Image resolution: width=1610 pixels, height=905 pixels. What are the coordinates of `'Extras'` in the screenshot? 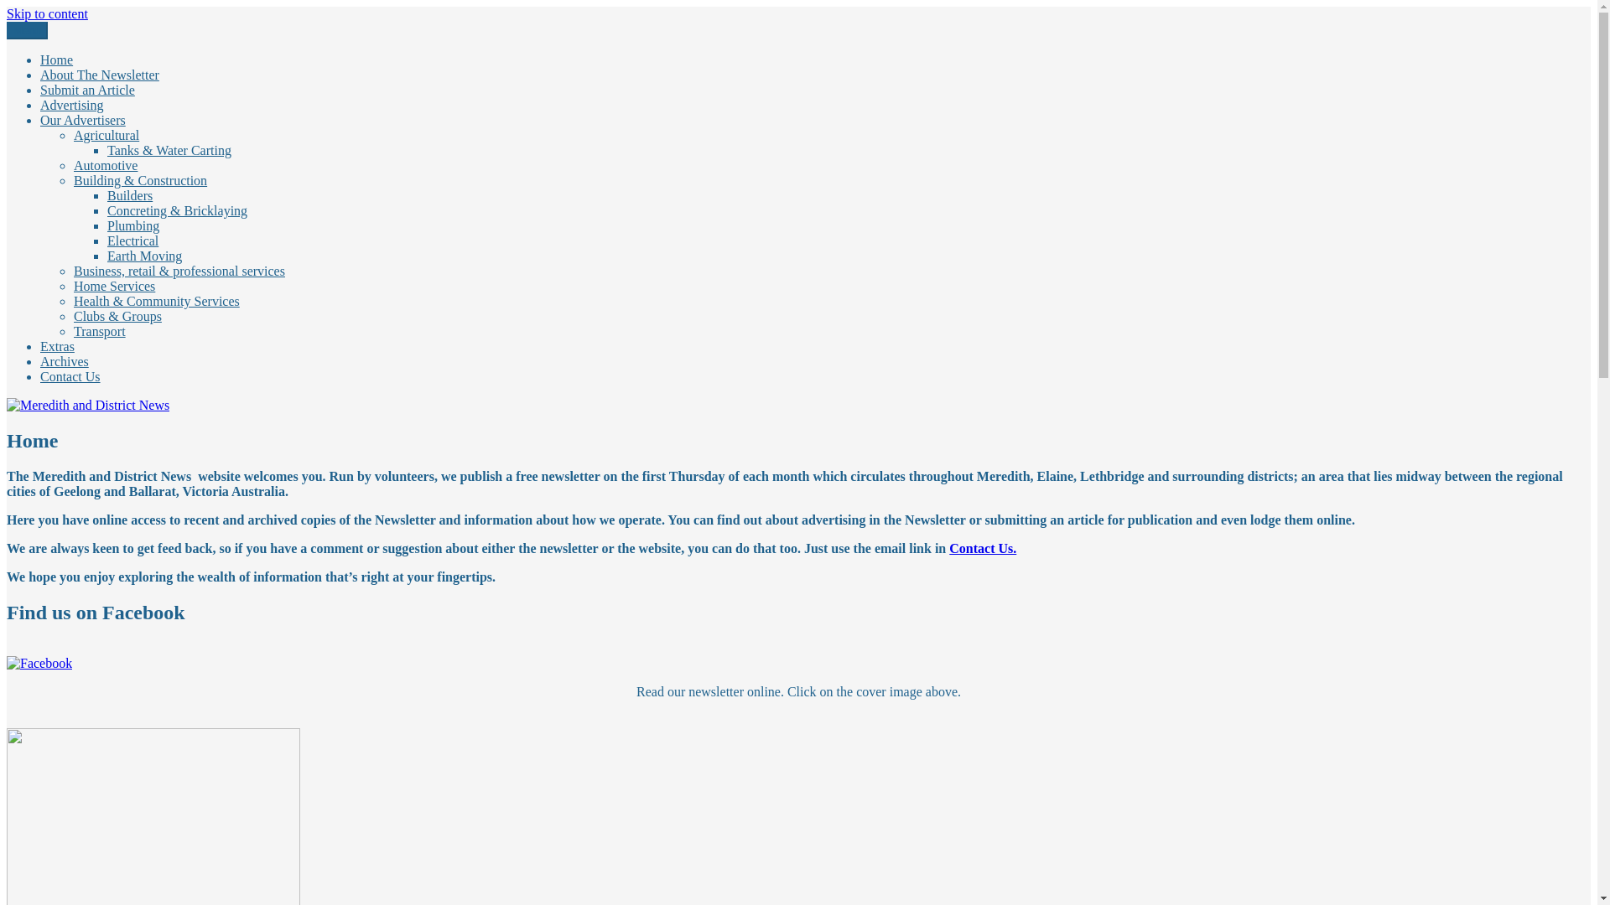 It's located at (57, 345).